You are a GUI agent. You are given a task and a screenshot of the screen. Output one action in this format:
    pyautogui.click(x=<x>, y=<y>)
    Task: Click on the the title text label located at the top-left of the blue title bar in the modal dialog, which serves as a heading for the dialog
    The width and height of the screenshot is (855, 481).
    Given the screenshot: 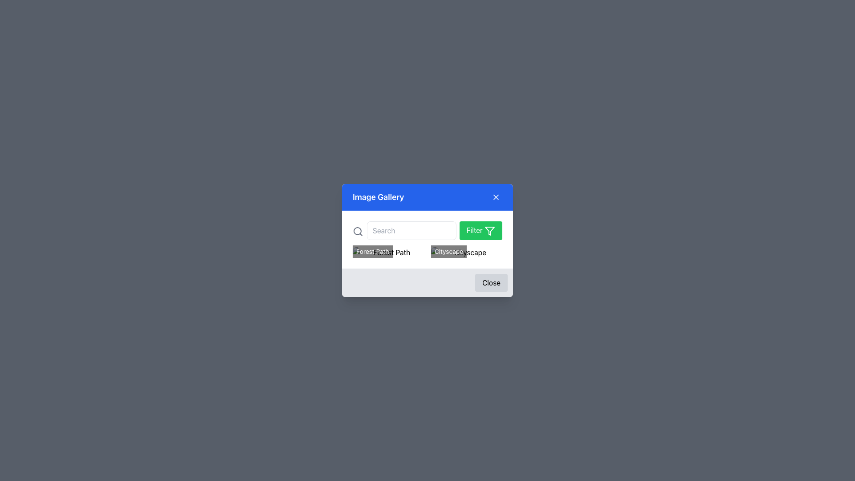 What is the action you would take?
    pyautogui.click(x=378, y=197)
    